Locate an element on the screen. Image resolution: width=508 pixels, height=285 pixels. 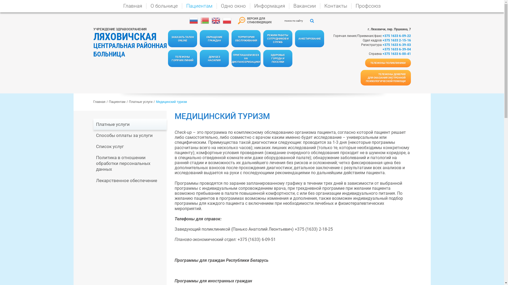
'Polish' is located at coordinates (227, 20).